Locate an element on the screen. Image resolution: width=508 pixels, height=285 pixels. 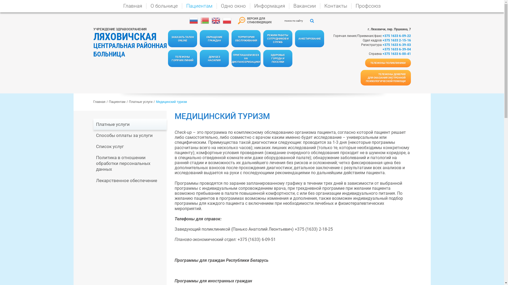
'Polish' is located at coordinates (227, 20).